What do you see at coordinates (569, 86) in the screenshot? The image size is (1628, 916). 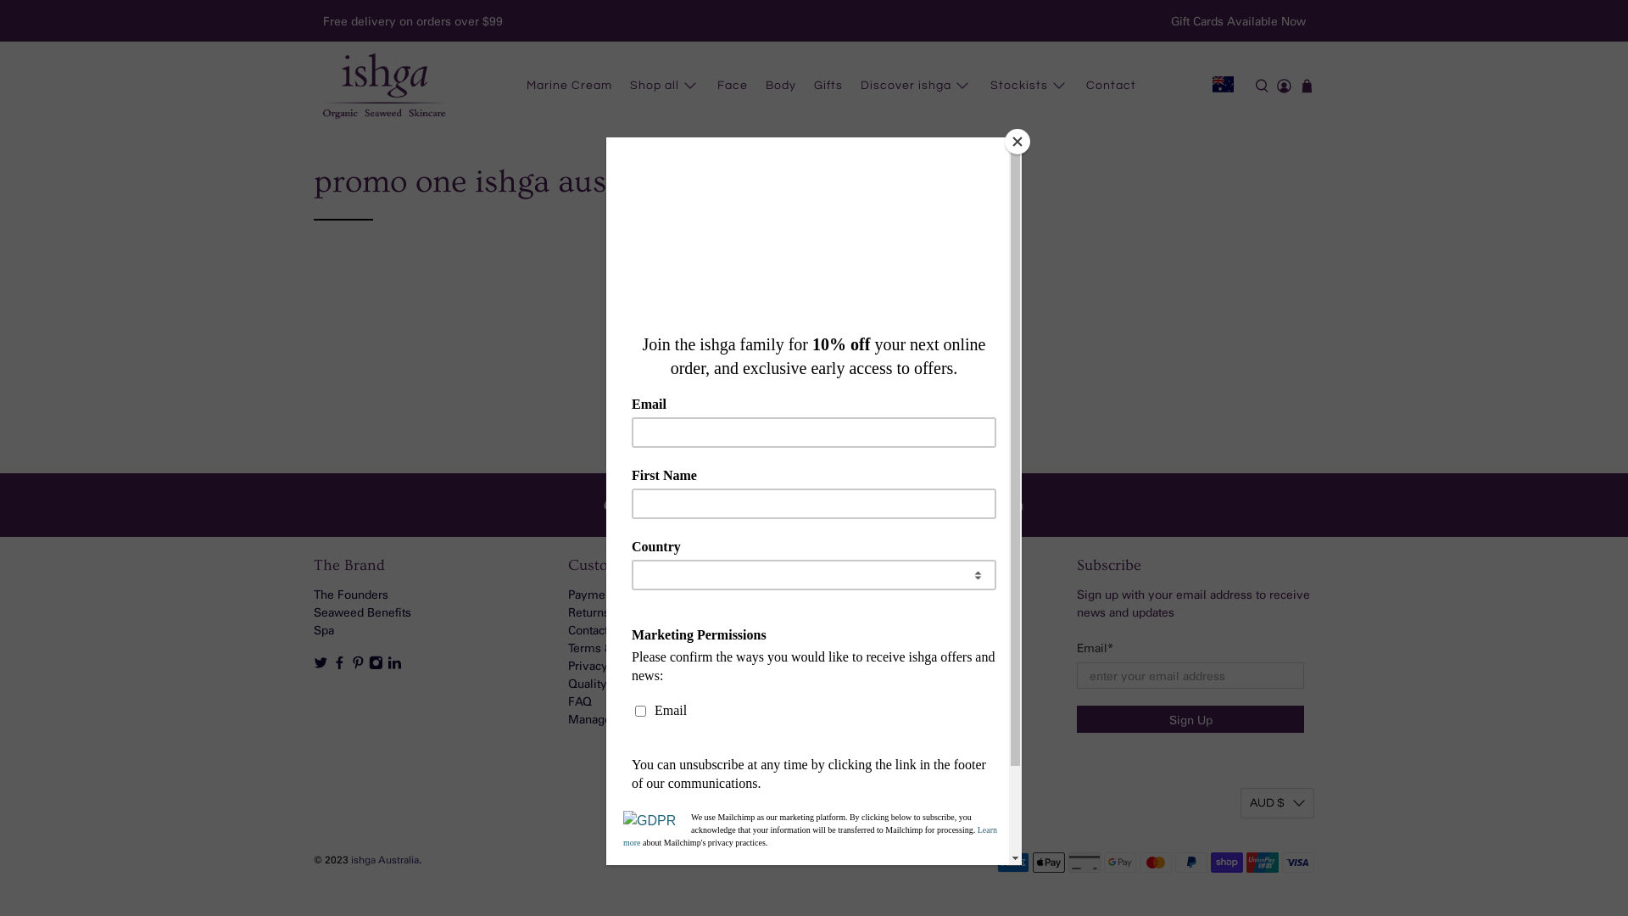 I see `'Marine Cream'` at bounding box center [569, 86].